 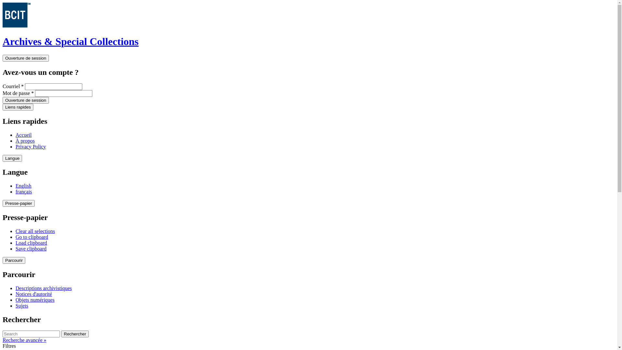 What do you see at coordinates (9, 345) in the screenshot?
I see `'Filtres'` at bounding box center [9, 345].